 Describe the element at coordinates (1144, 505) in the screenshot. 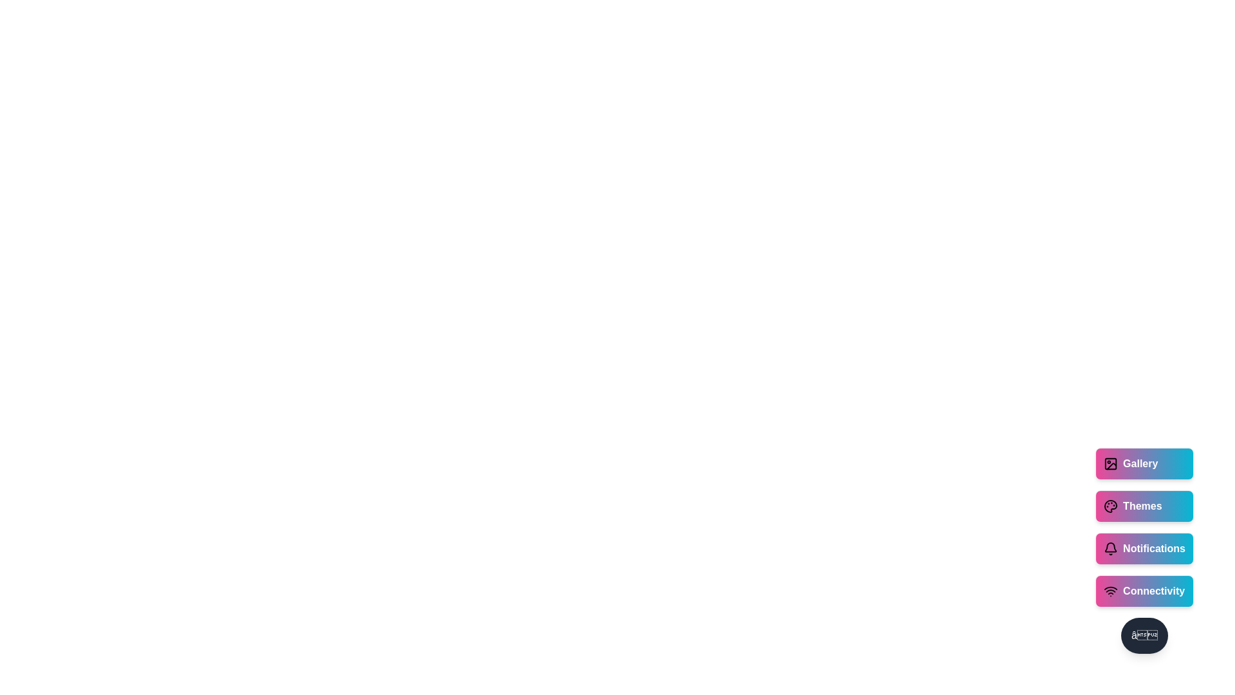

I see `the 'Themes' button located below the 'Gallery' button and above the 'Notifications' button` at that location.